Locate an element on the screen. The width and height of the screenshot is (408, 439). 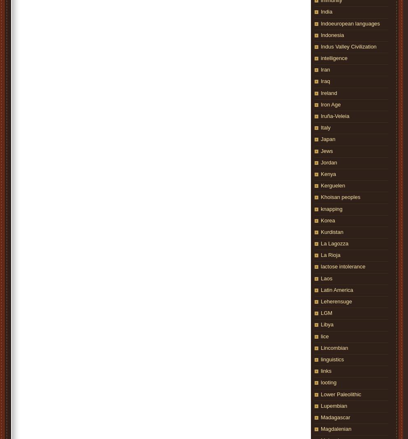
'Lincombian' is located at coordinates (334, 347).